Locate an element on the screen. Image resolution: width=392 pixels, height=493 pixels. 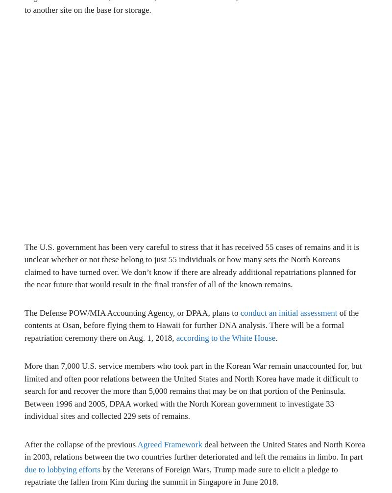
'by the Veterans of Foreign Wars, Trump made sure to elicit a pledge to repatriate the fallen from Kim during the summit in Singapore in June 2018.' is located at coordinates (180, 475).